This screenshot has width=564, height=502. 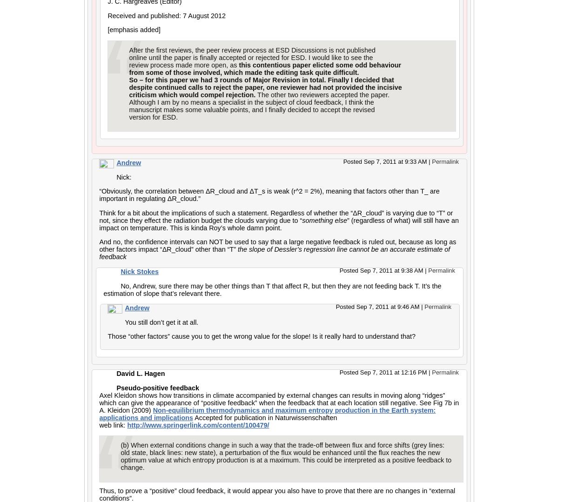 I want to click on 'despite continued calls to reject the paper, one reviewer had not provided the incisive', so click(x=265, y=87).